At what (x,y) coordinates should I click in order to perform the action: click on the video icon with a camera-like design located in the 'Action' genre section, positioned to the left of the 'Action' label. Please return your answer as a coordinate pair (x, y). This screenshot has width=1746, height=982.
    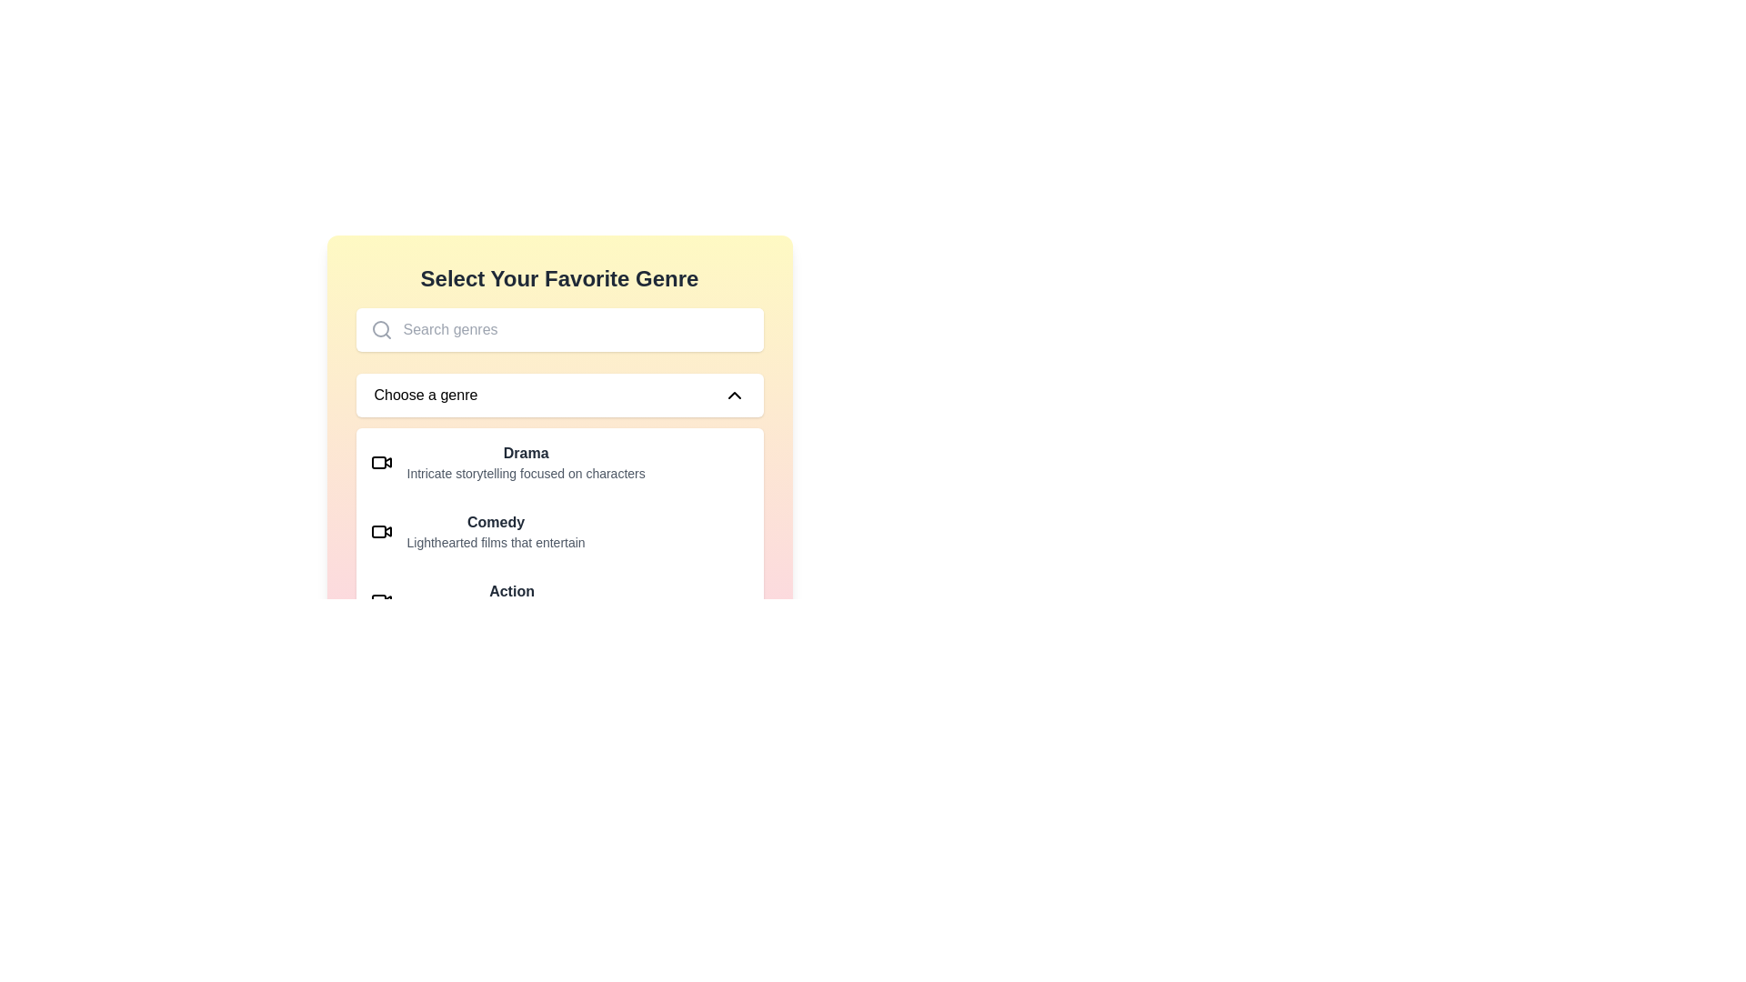
    Looking at the image, I should click on (380, 600).